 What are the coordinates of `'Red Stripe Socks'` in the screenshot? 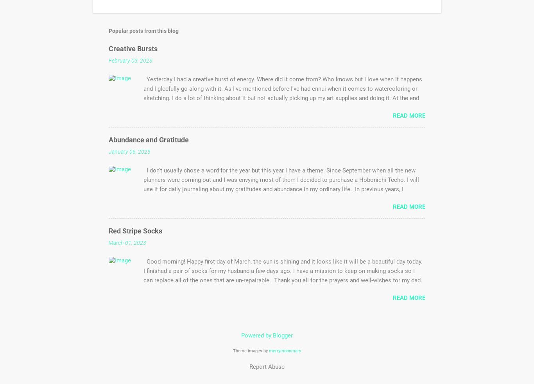 It's located at (135, 230).